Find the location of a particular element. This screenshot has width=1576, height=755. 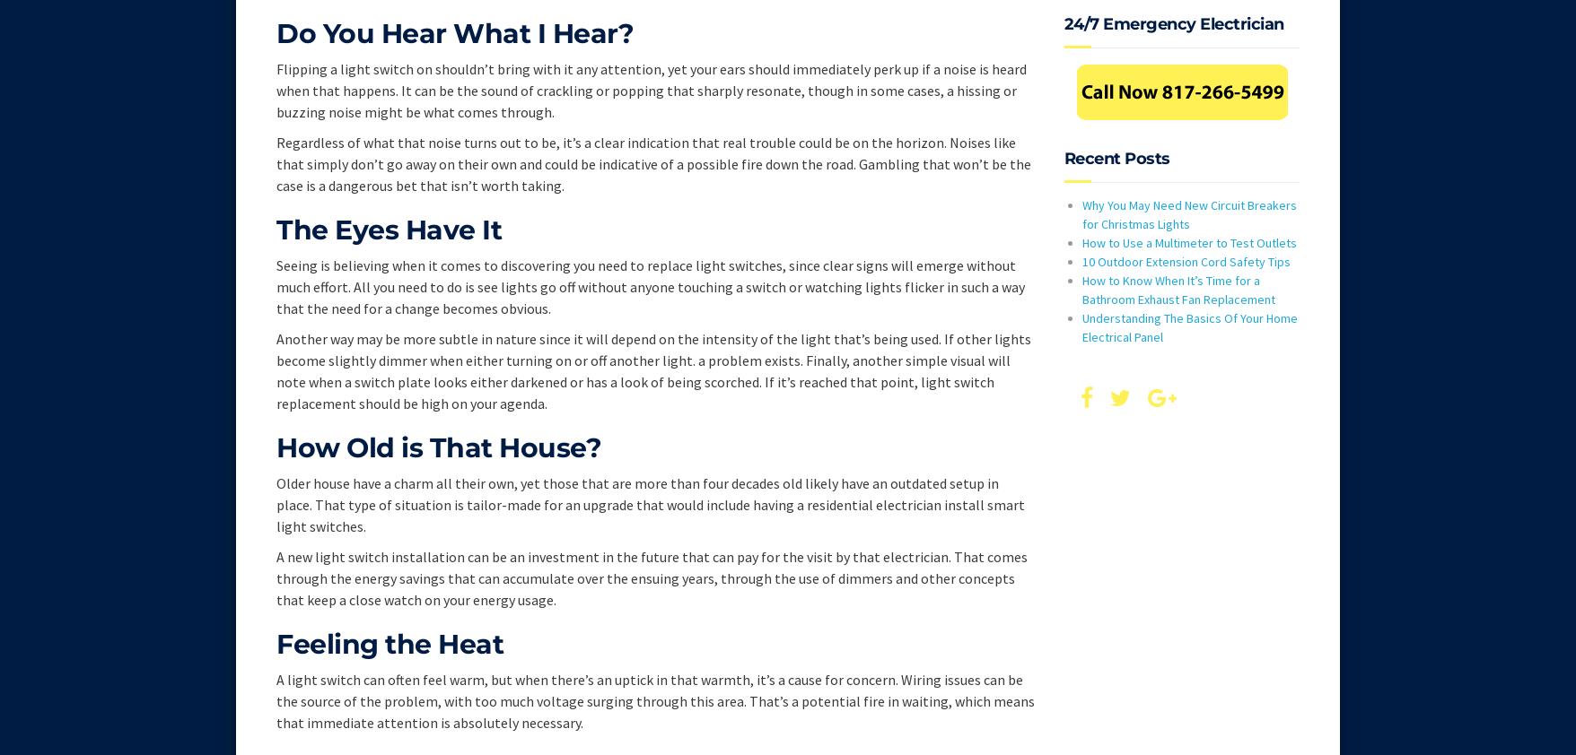

'Older house have a charm all their own, yet those that are more than four decades old likely have an outdated setup in place. That type of situation is tailor-made for an upgrade that would include having a residential electrician install smart light switches.' is located at coordinates (651, 503).